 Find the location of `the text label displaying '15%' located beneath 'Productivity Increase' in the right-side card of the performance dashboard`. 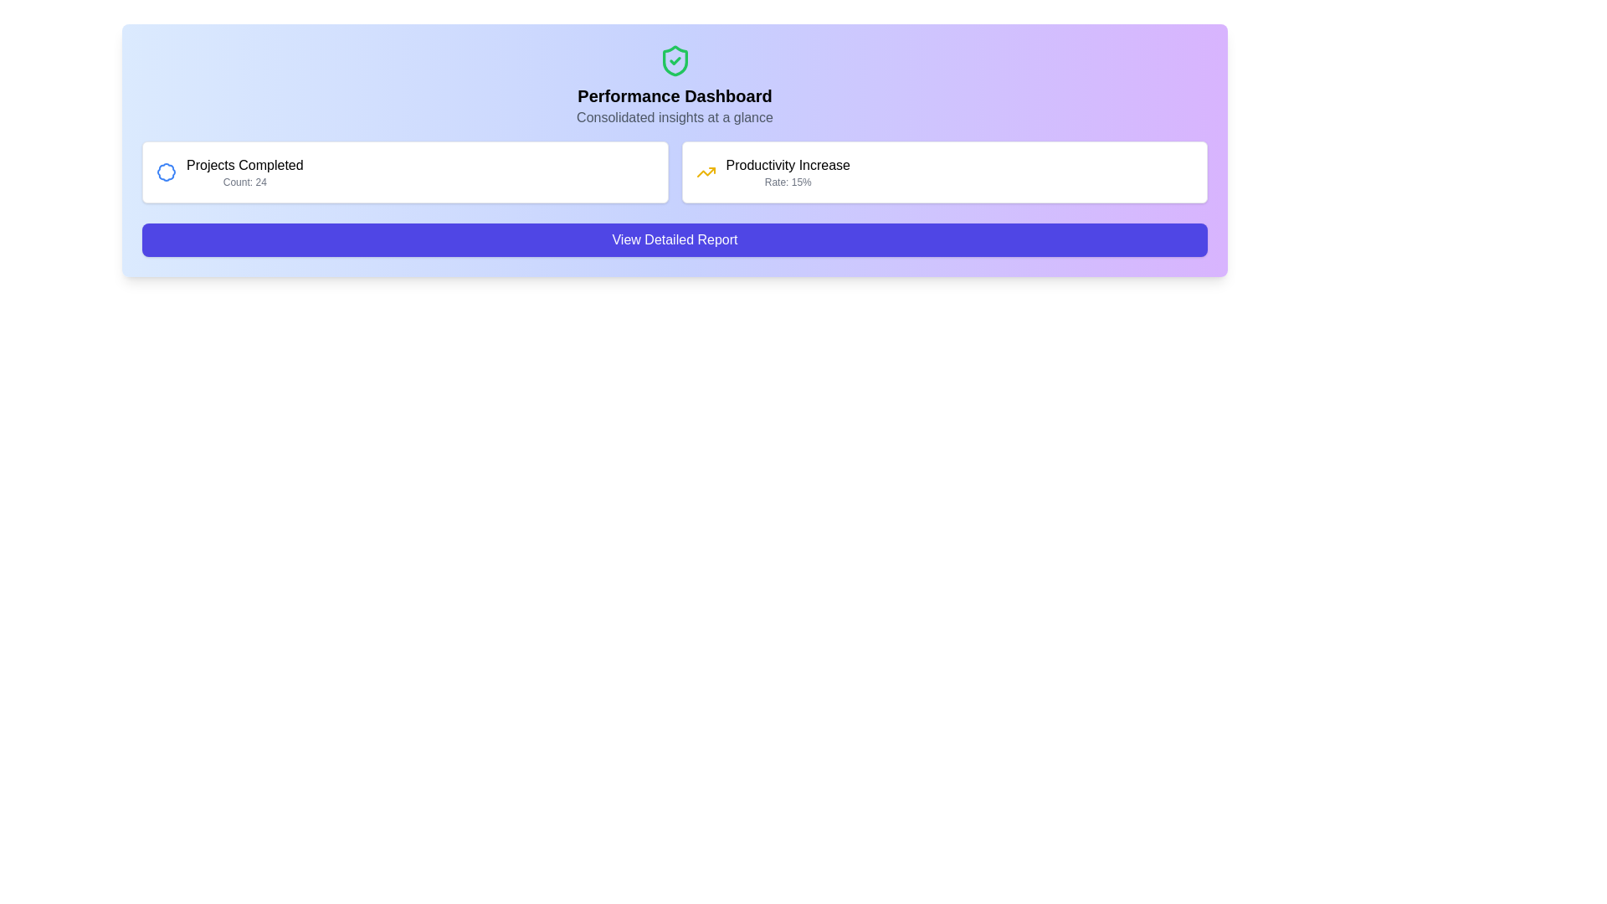

the text label displaying '15%' located beneath 'Productivity Increase' in the right-side card of the performance dashboard is located at coordinates (787, 182).